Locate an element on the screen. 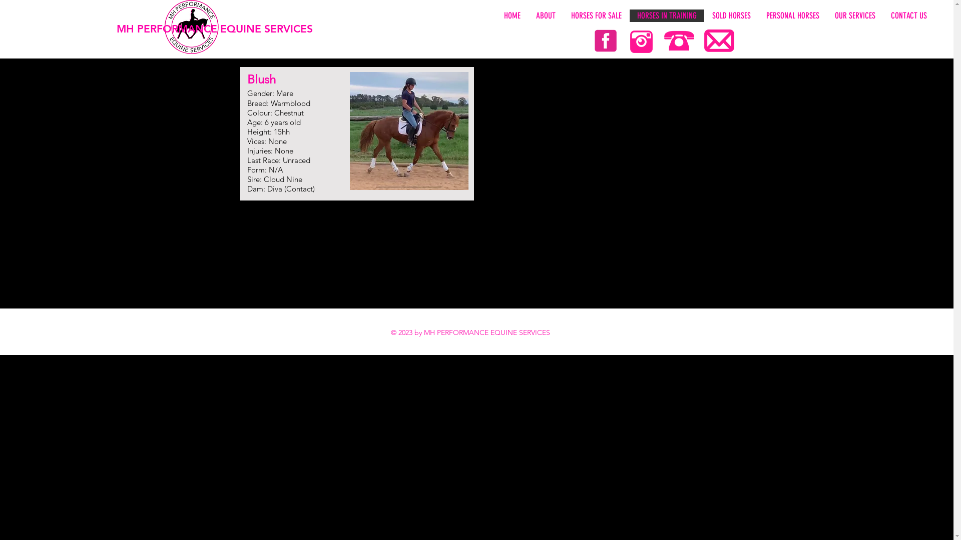 This screenshot has width=961, height=540. 'LOGO%20WHITE_edited.png' is located at coordinates (191, 26).